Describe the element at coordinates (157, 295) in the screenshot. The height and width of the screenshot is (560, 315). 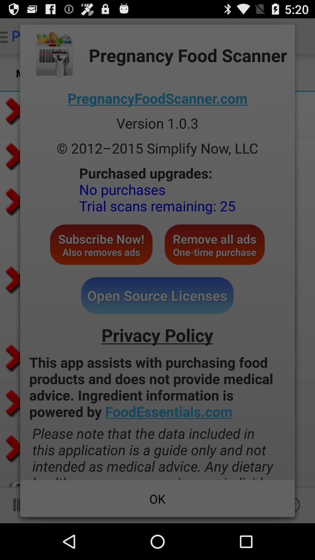
I see `button below the subscribe now also item` at that location.